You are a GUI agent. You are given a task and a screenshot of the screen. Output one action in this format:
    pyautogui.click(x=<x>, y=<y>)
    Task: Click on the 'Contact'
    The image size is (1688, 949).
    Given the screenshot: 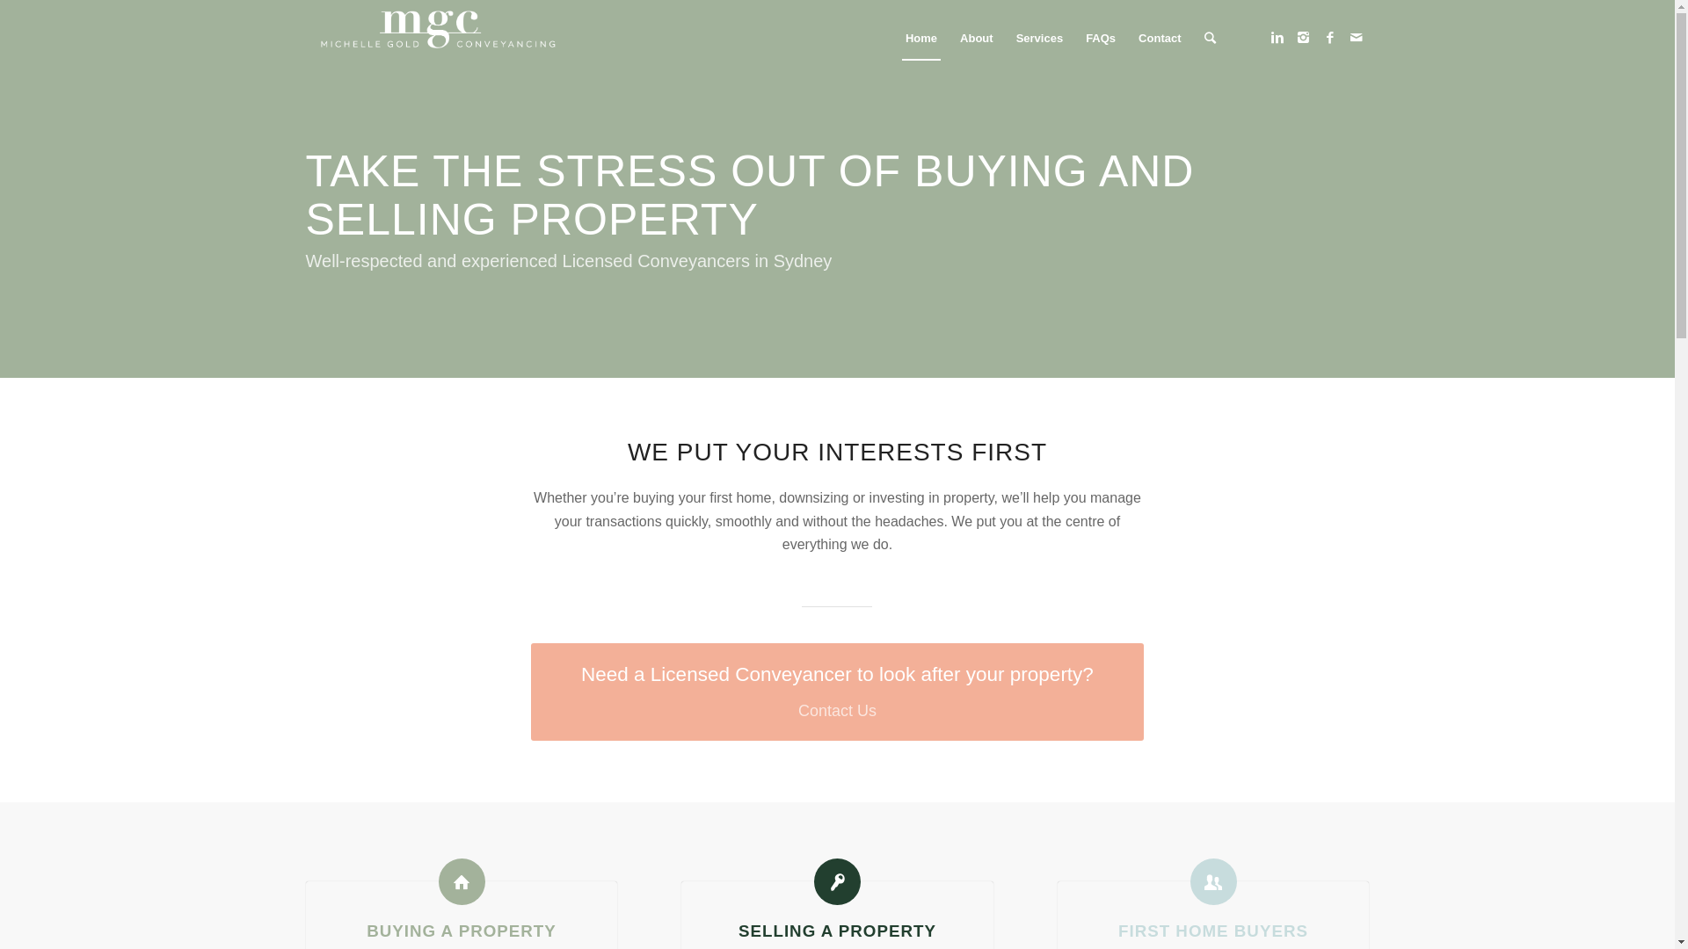 What is the action you would take?
    pyautogui.click(x=1160, y=38)
    